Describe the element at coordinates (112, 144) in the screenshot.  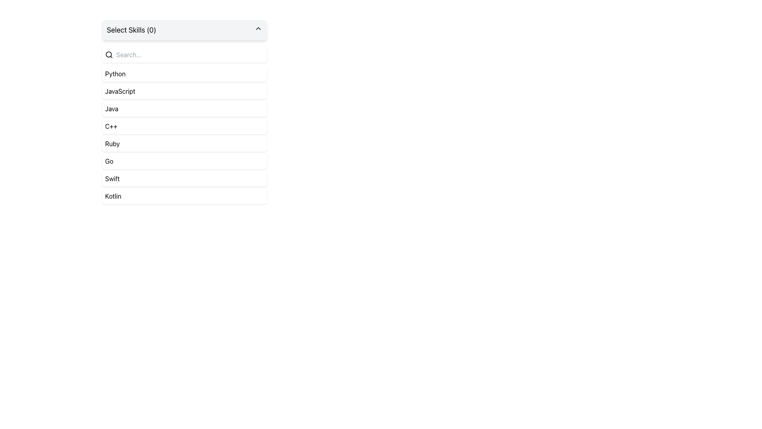
I see `the fifth option in the dropdown menu titled 'Select Skills (0)'` at that location.